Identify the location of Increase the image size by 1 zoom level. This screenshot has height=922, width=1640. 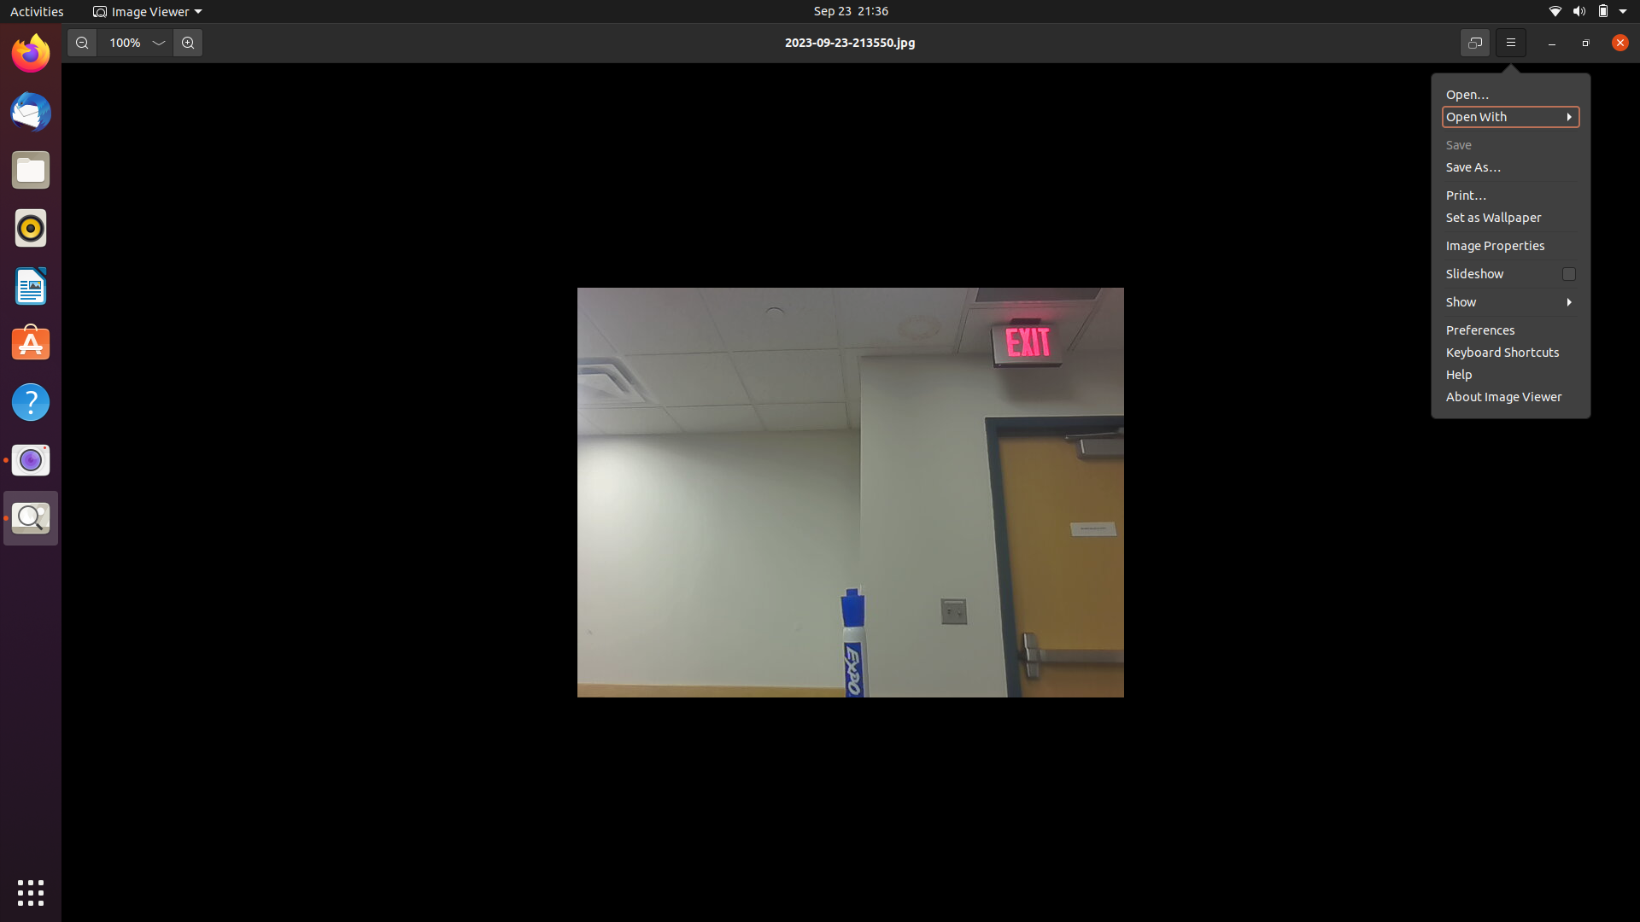
(187, 42).